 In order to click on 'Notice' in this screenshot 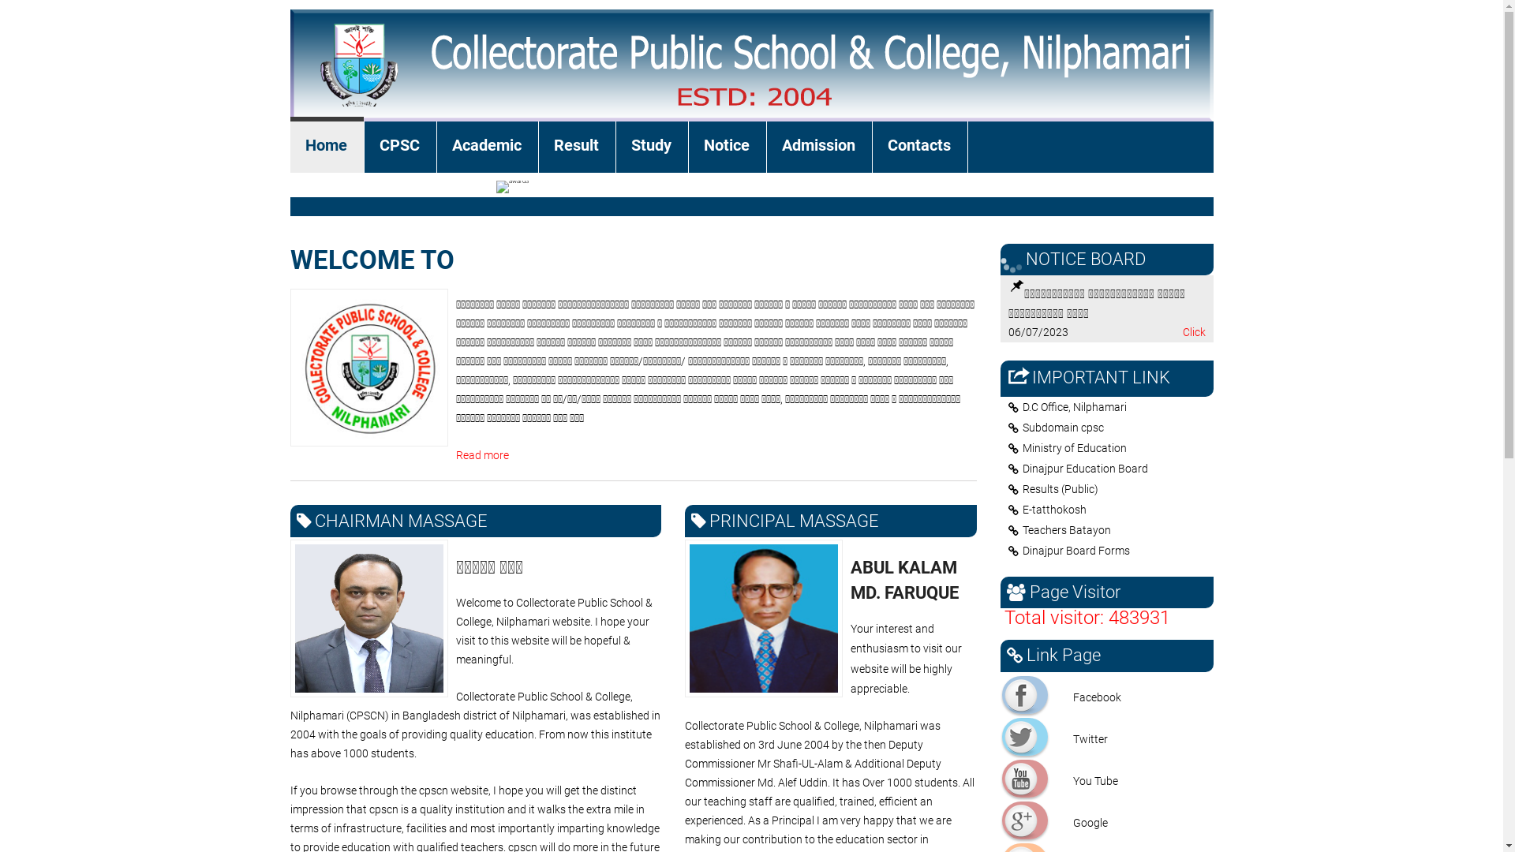, I will do `click(688, 147)`.